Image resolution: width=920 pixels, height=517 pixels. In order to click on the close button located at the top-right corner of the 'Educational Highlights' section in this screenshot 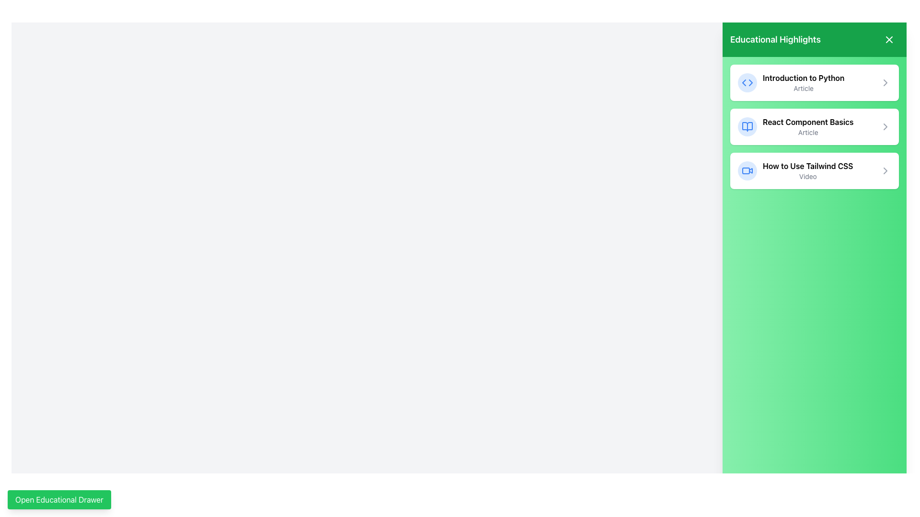, I will do `click(889, 39)`.